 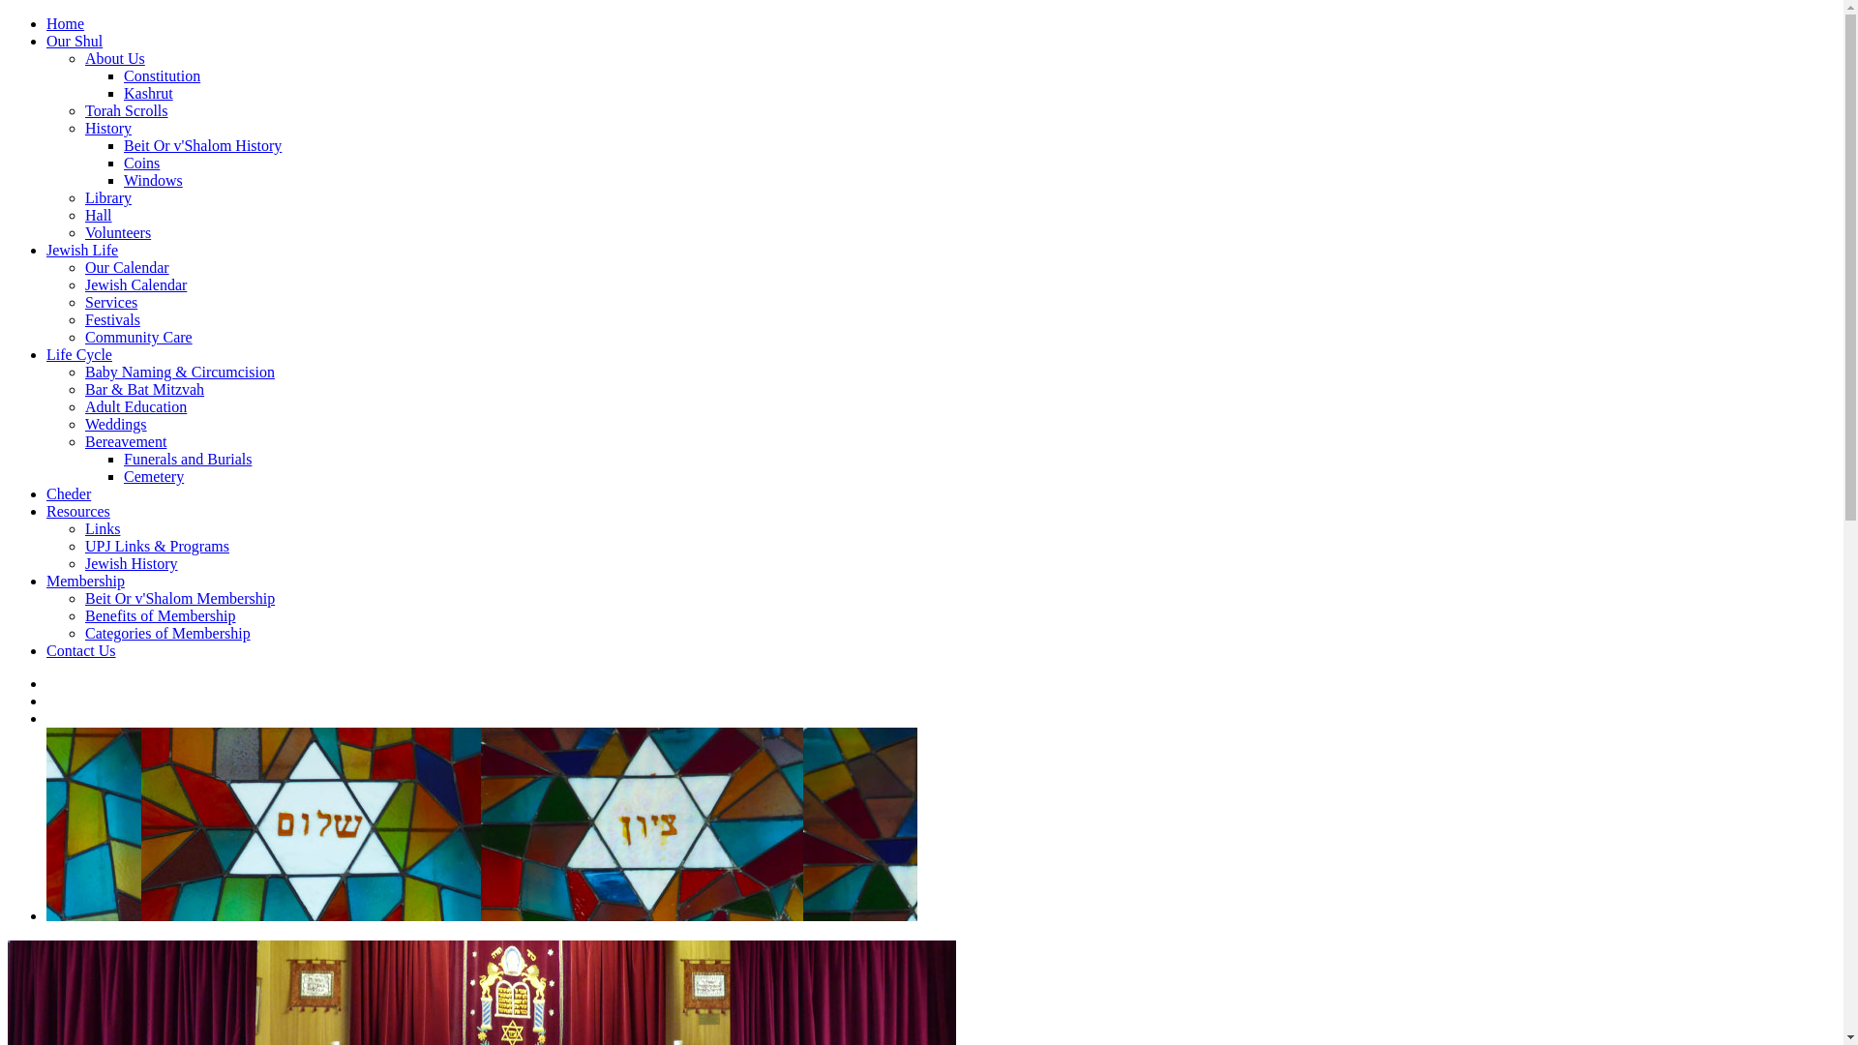 What do you see at coordinates (83, 231) in the screenshot?
I see `'Volunteers'` at bounding box center [83, 231].